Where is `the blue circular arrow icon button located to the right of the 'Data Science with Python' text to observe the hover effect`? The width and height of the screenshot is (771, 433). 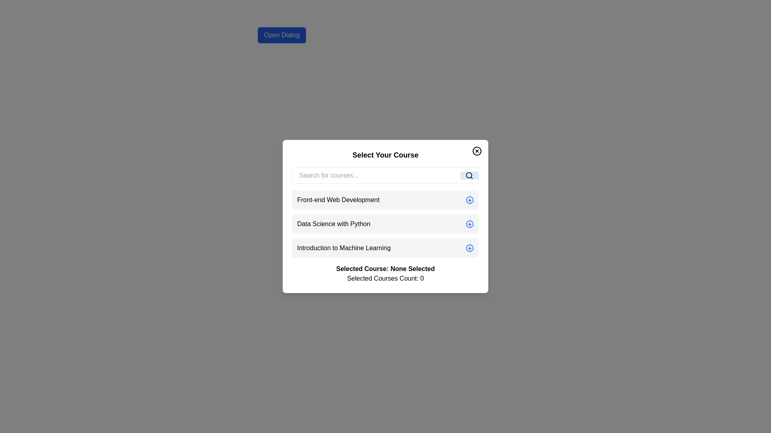 the blue circular arrow icon button located to the right of the 'Data Science with Python' text to observe the hover effect is located at coordinates (470, 224).